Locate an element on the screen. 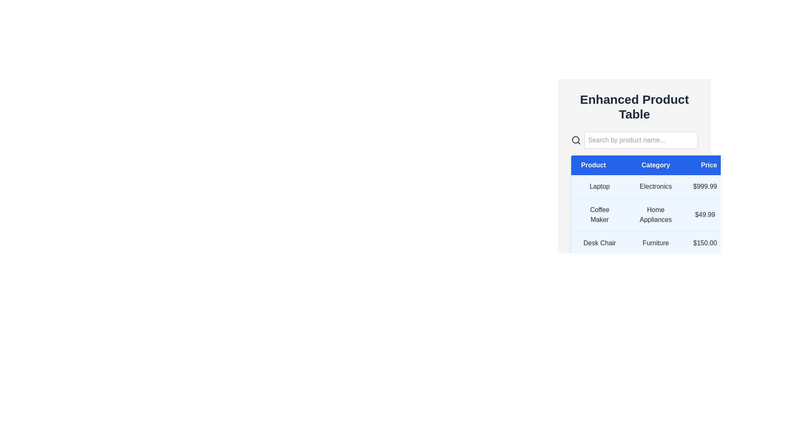 This screenshot has width=789, height=443. text 'Desk Chair' displayed in the static text element within the first cell of the 'Product' column in the table is located at coordinates (600, 243).